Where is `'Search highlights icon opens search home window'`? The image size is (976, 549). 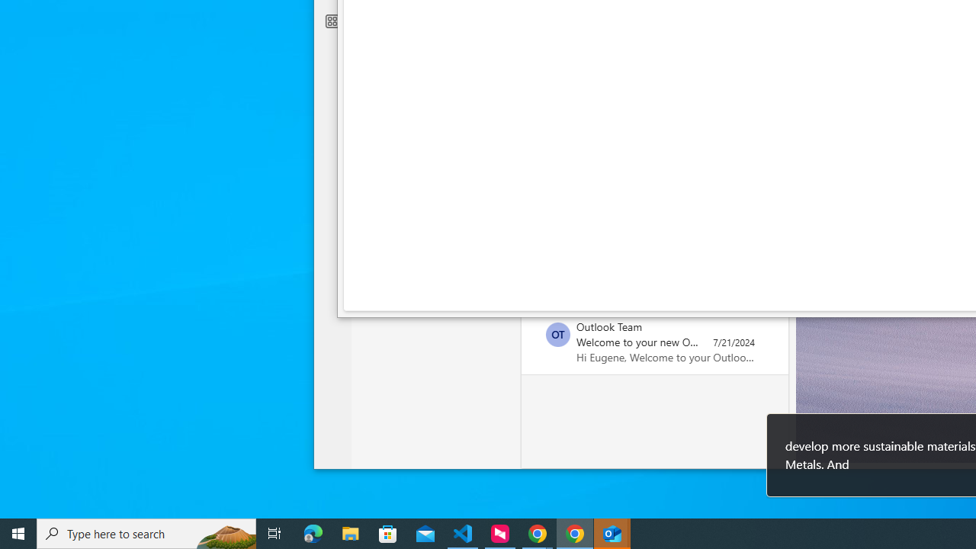 'Search highlights icon opens search home window' is located at coordinates (224, 532).